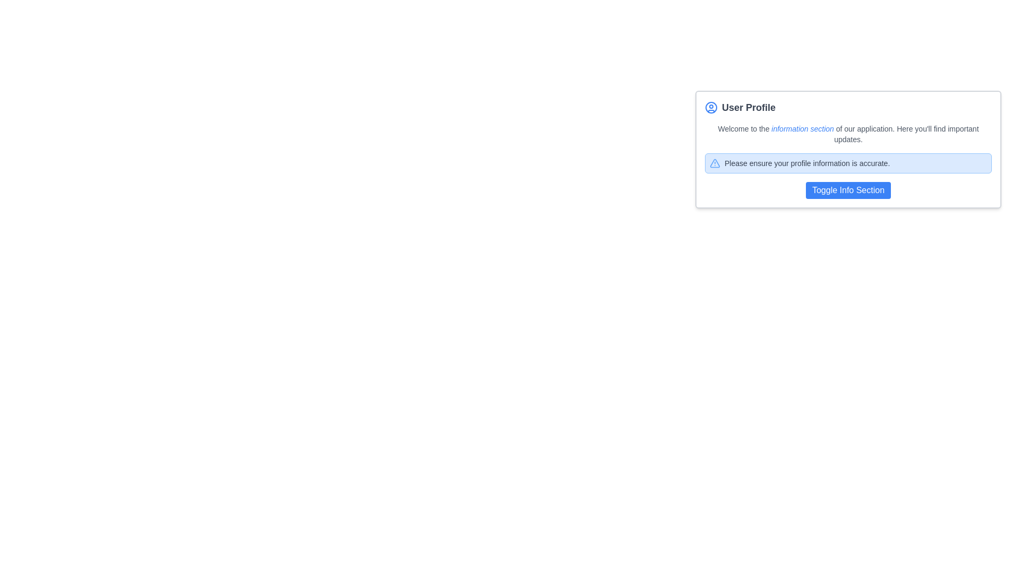 This screenshot has height=573, width=1020. Describe the element at coordinates (711, 108) in the screenshot. I see `the outer circle of the user profile icon located at the top-left corner of the 'User Profile' panel` at that location.